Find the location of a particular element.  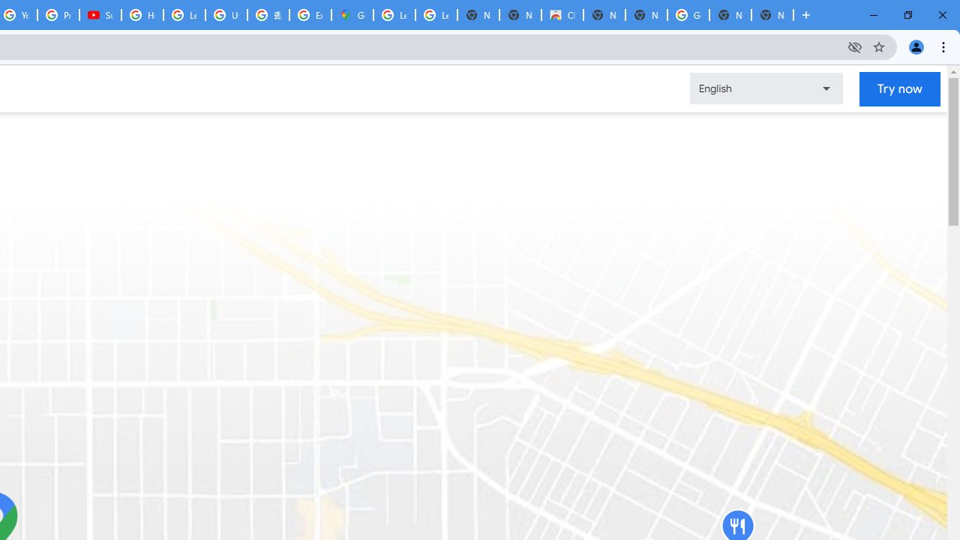

'Subscriptions - YouTube' is located at coordinates (100, 15).